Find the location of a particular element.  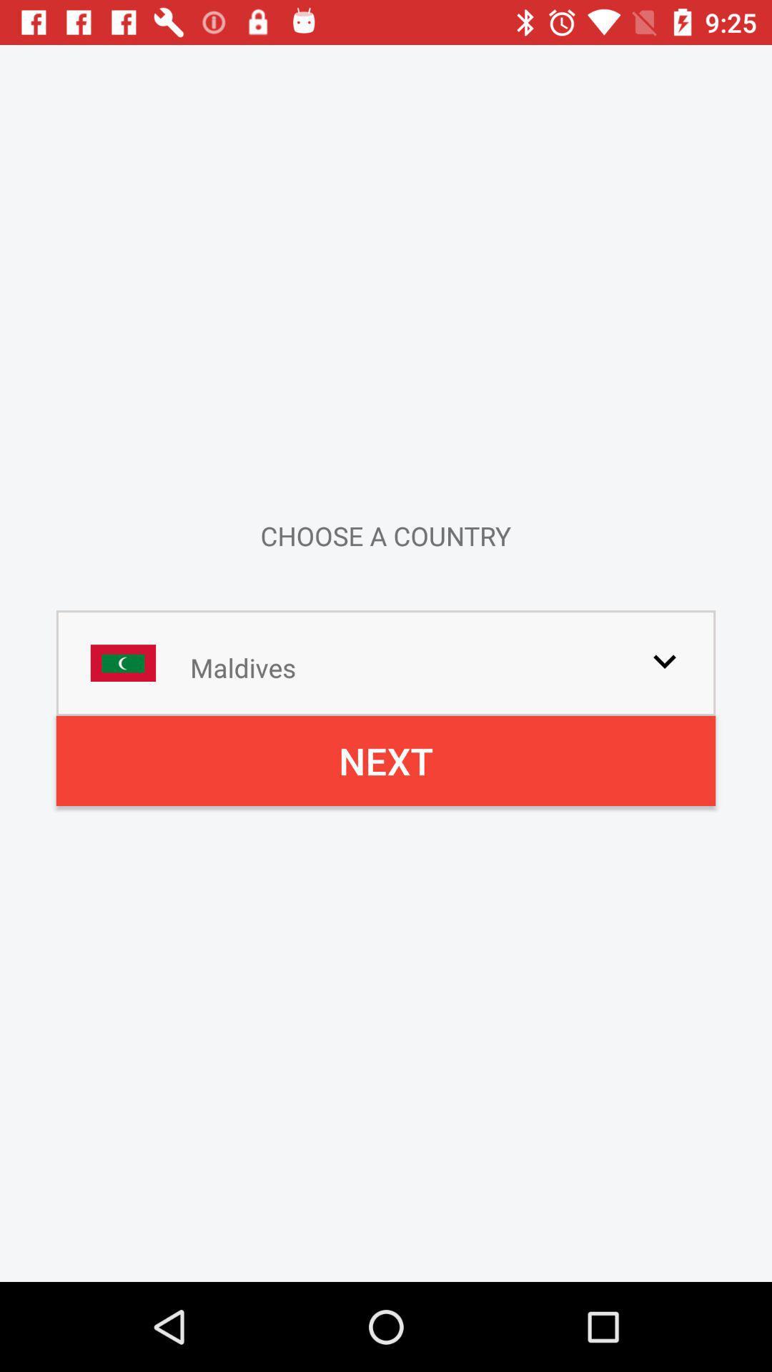

drop down menu is located at coordinates (664, 660).